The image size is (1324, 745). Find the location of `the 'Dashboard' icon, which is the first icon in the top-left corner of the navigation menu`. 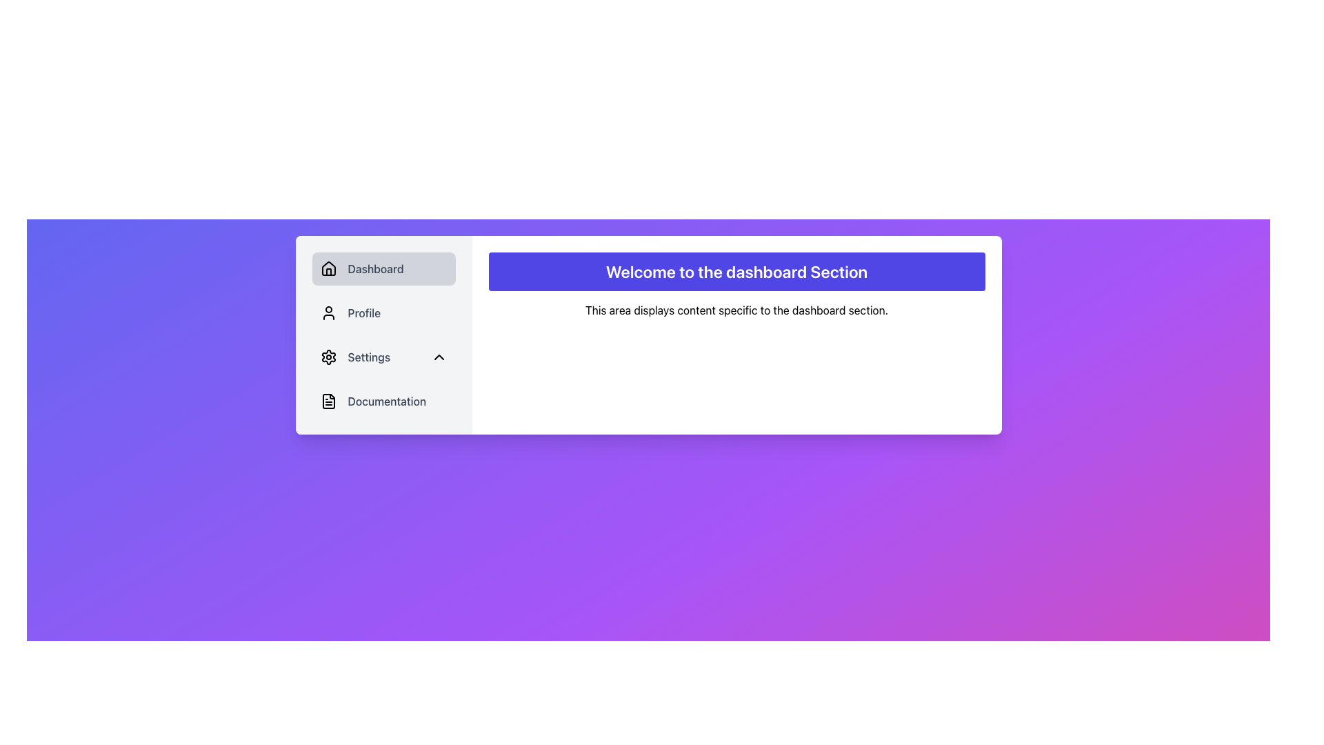

the 'Dashboard' icon, which is the first icon in the top-left corner of the navigation menu is located at coordinates (328, 268).